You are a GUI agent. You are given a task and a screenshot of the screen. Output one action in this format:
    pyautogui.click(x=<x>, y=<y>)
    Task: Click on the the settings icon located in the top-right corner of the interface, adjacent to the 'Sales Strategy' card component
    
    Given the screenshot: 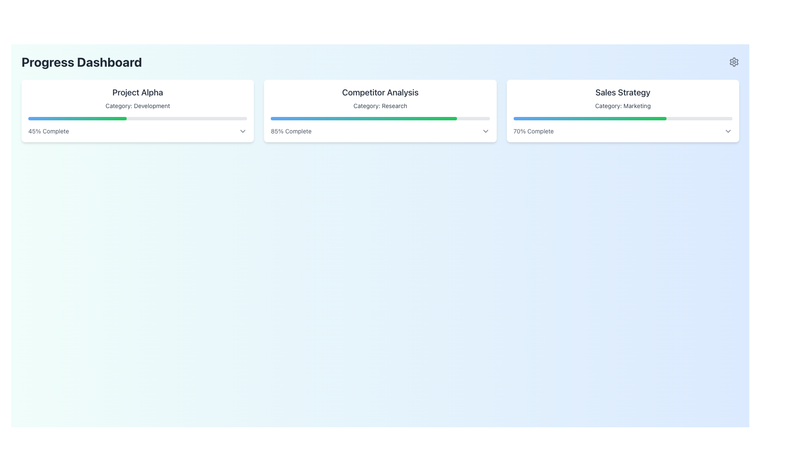 What is the action you would take?
    pyautogui.click(x=733, y=61)
    